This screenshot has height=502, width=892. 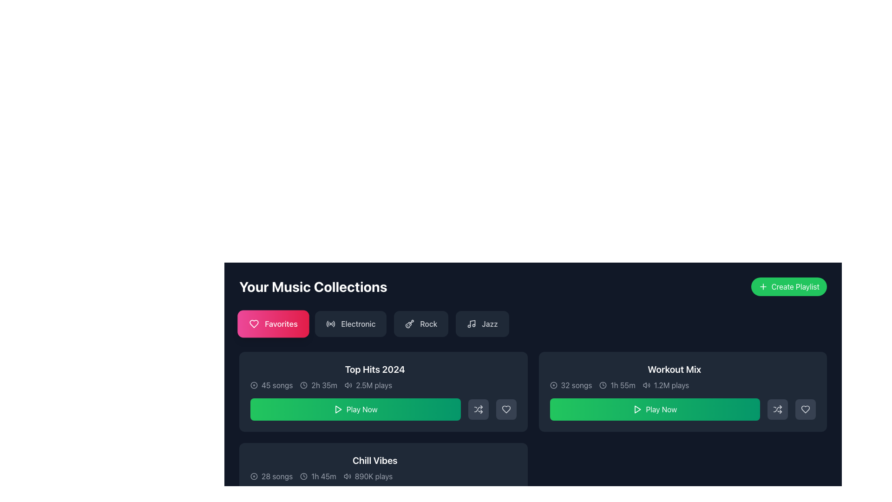 I want to click on text label indicating the number of songs in the associated music collection, which is positioned towards the left half of the card labeled 'Top Hits 2024', so click(x=276, y=385).